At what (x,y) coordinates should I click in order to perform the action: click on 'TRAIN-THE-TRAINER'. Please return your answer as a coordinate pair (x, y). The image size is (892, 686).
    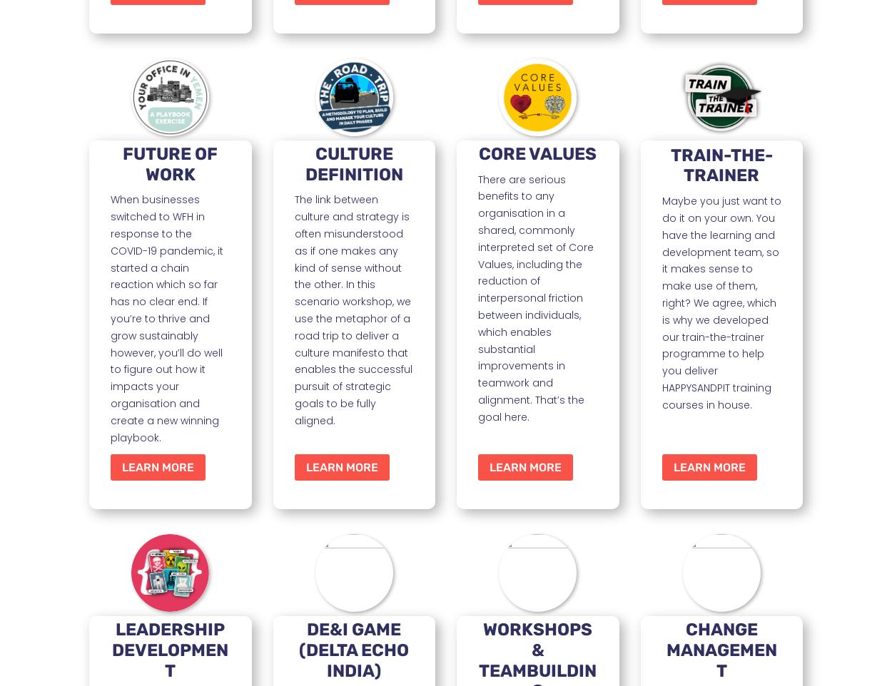
    Looking at the image, I should click on (669, 164).